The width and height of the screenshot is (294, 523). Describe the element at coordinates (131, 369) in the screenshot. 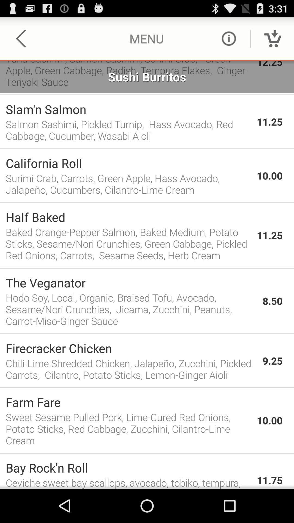

I see `item next to the 9.25 app` at that location.